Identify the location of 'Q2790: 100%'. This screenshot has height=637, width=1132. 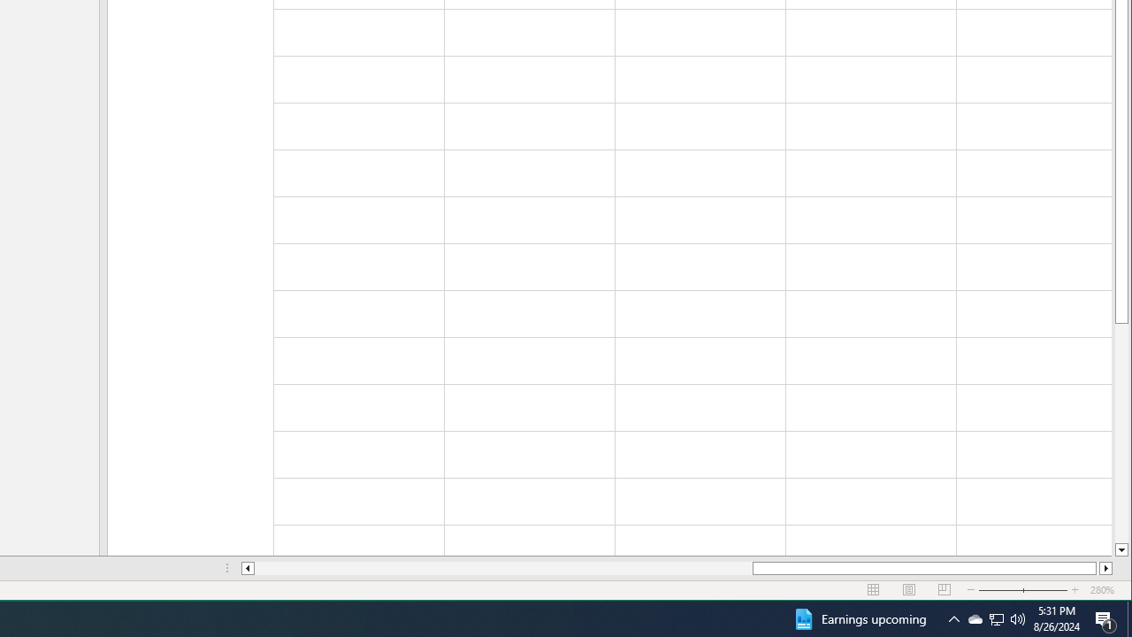
(997, 618).